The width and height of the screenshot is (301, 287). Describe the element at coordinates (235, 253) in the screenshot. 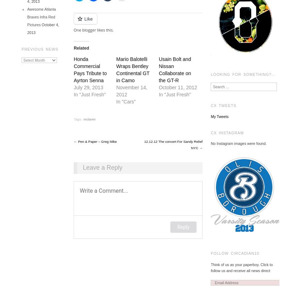

I see `'Follow Circadian10'` at that location.